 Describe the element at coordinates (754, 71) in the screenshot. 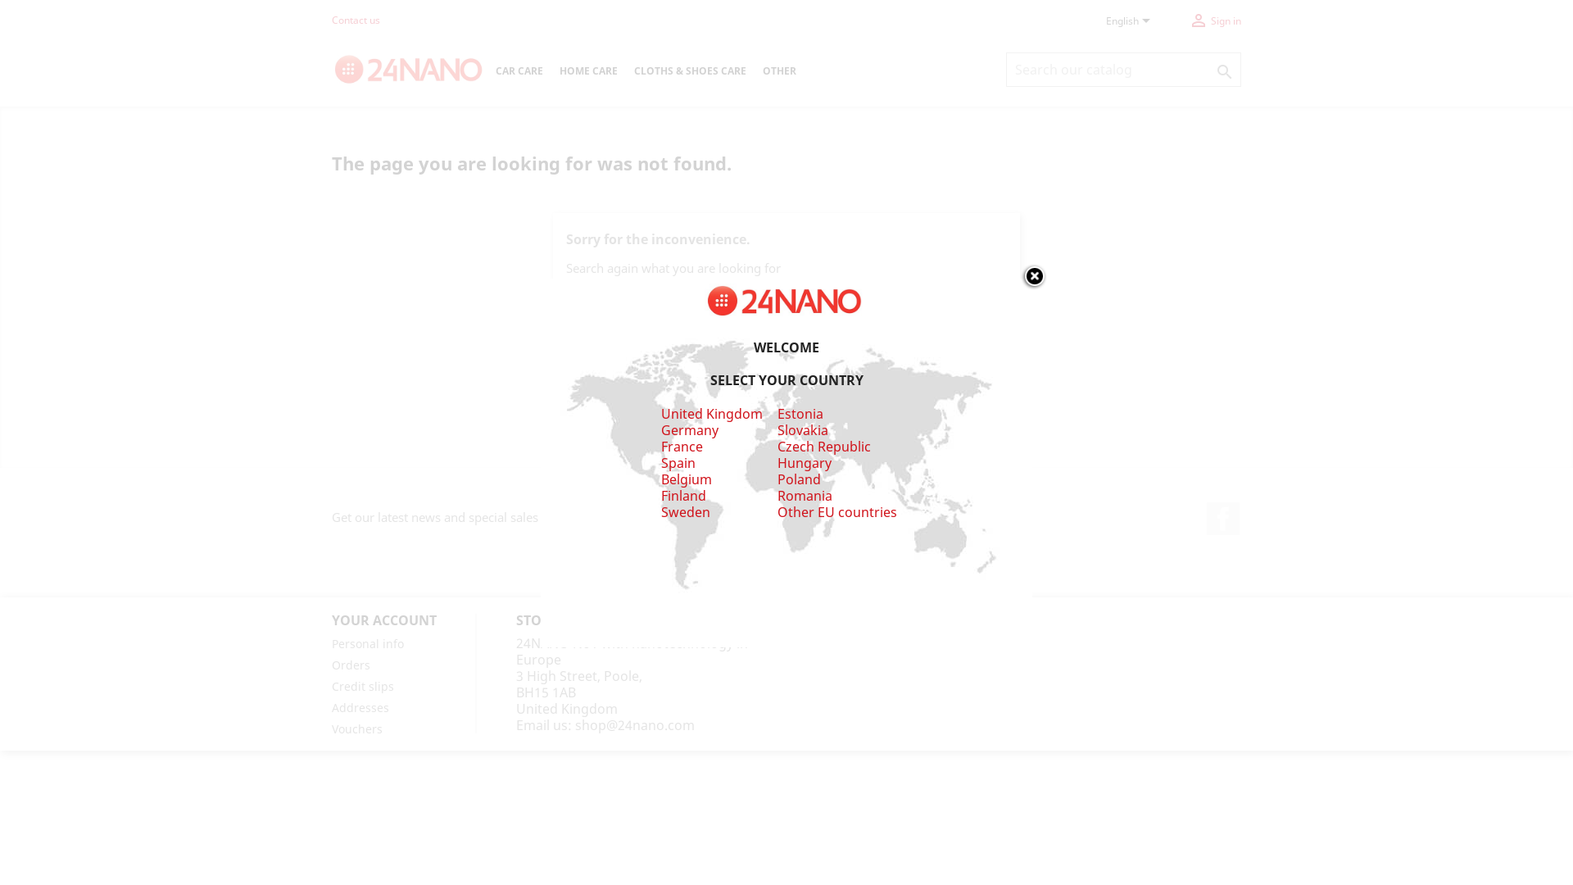

I see `'OTHER'` at that location.